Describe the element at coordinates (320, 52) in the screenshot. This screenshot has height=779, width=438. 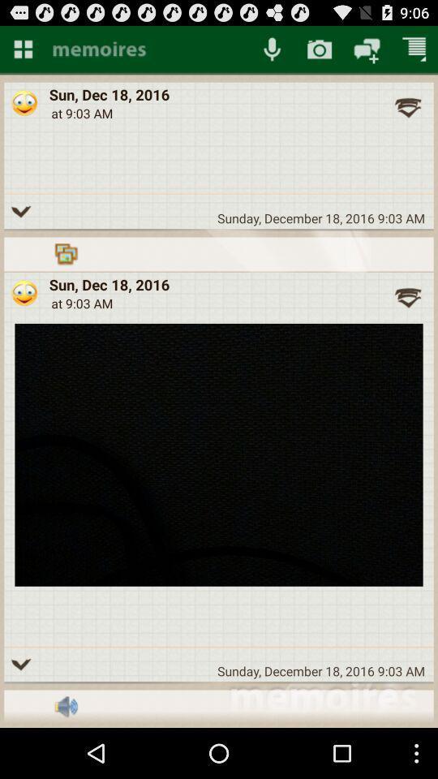
I see `the photo icon` at that location.